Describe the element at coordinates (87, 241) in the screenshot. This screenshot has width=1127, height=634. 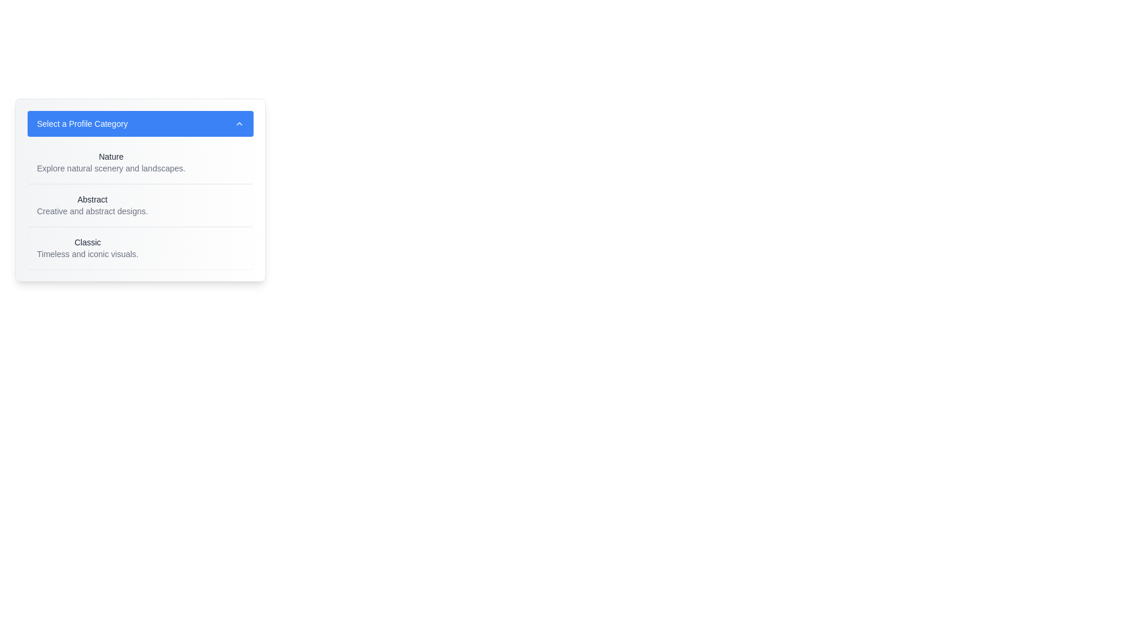
I see `text of the category title located in the dropdown list under 'Select a Profile Category', positioned above 'Timeless and iconic visuals'` at that location.